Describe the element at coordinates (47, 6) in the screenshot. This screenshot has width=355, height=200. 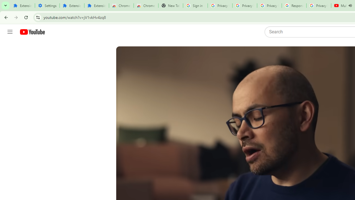
I see `'Settings'` at that location.